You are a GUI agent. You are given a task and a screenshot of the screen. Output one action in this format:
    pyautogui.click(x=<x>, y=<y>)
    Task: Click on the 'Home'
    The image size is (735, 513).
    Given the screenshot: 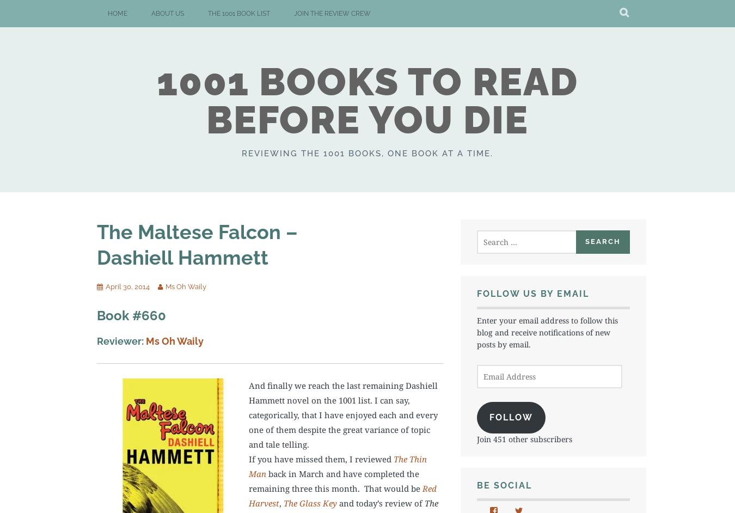 What is the action you would take?
    pyautogui.click(x=118, y=13)
    